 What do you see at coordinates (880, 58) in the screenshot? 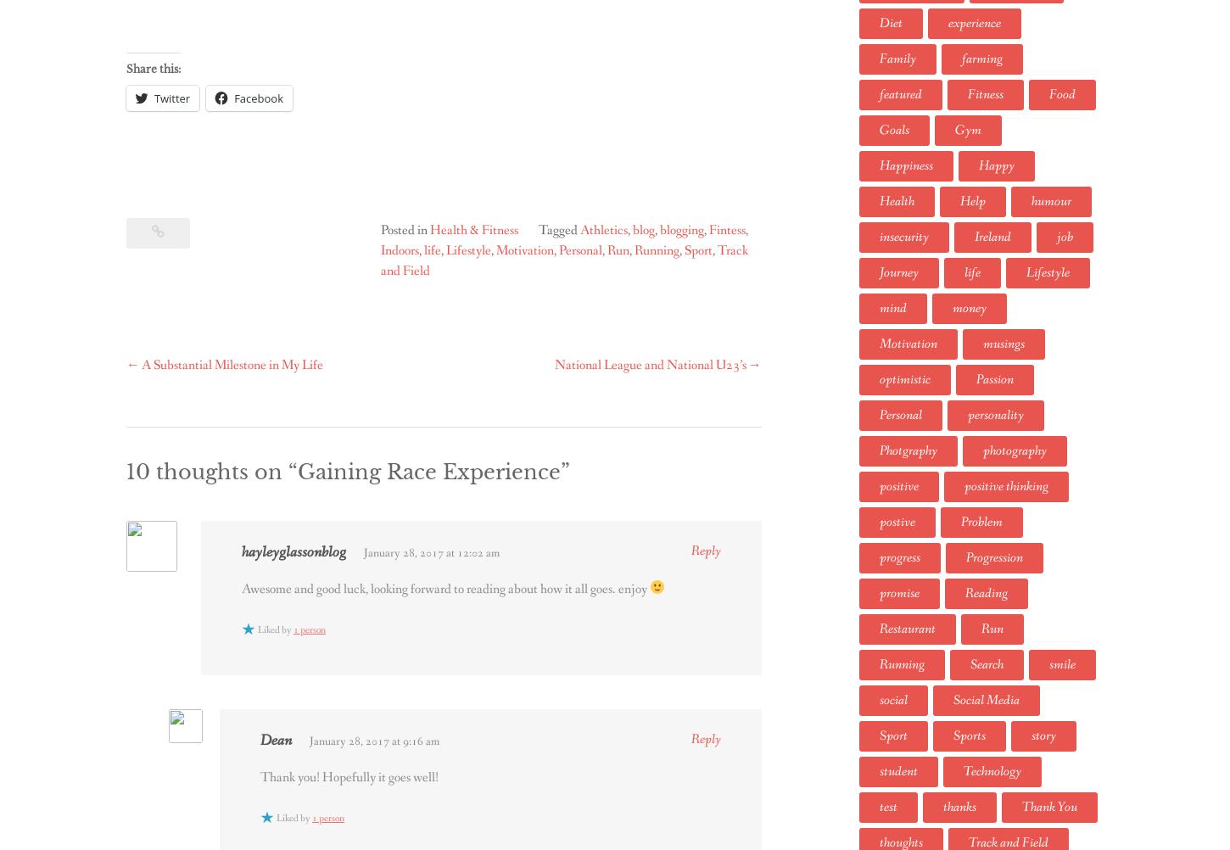
I see `'Family'` at bounding box center [880, 58].